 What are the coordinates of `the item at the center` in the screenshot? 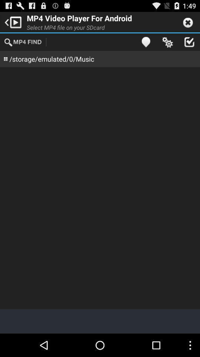 It's located at (100, 187).